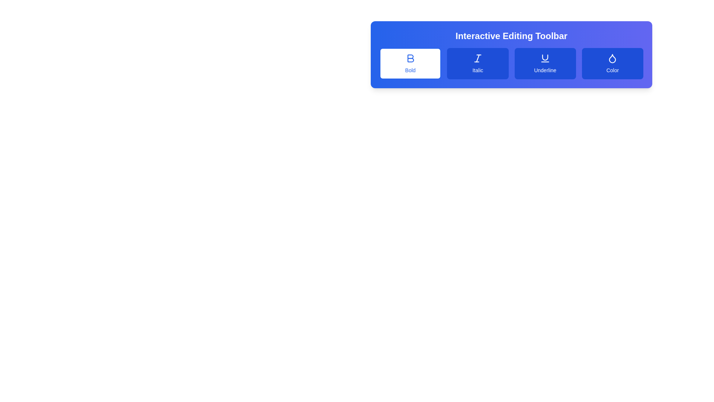  I want to click on 'Italic' text label styled in a small, italicized, capitalized font located on a blue background beneath an italicized 'I' icon in a horizontal toolbar, so click(477, 70).